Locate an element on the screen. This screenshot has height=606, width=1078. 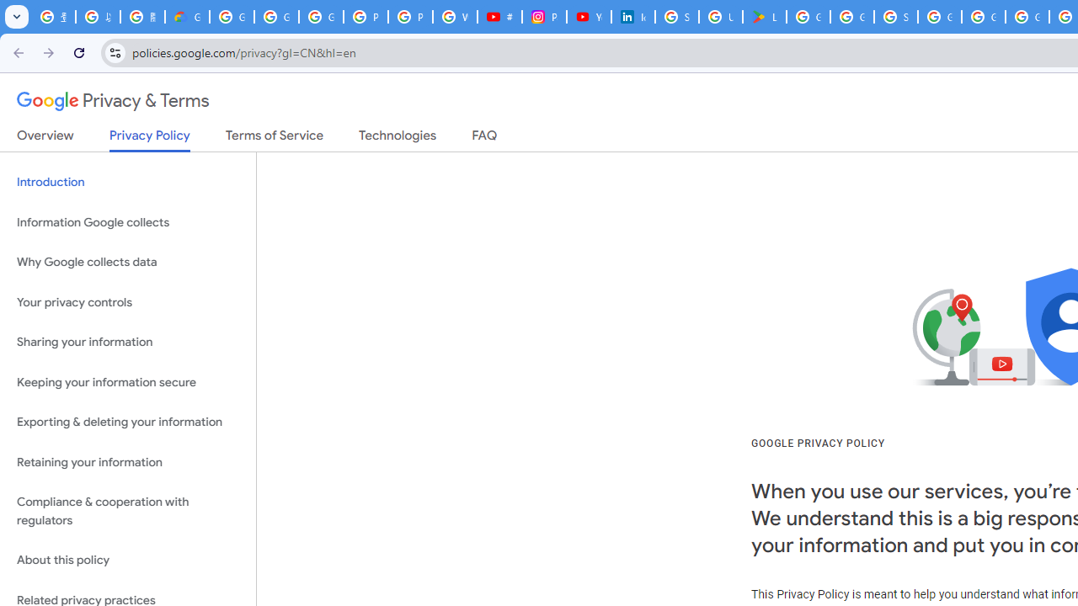
'About this policy' is located at coordinates (127, 561).